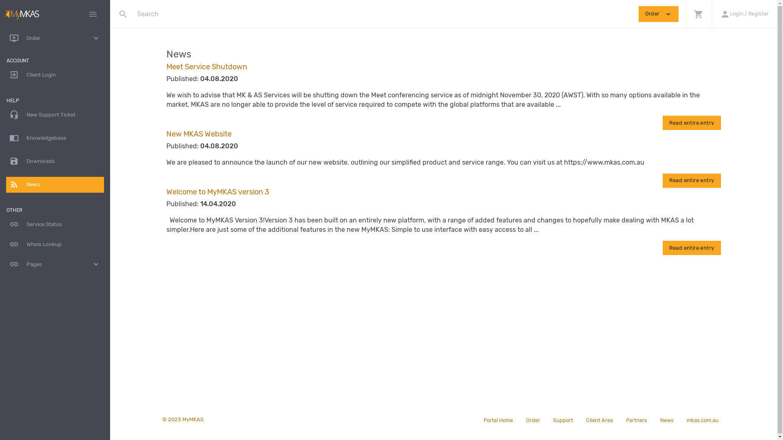 This screenshot has width=783, height=440. I want to click on 'Support', so click(562, 420).